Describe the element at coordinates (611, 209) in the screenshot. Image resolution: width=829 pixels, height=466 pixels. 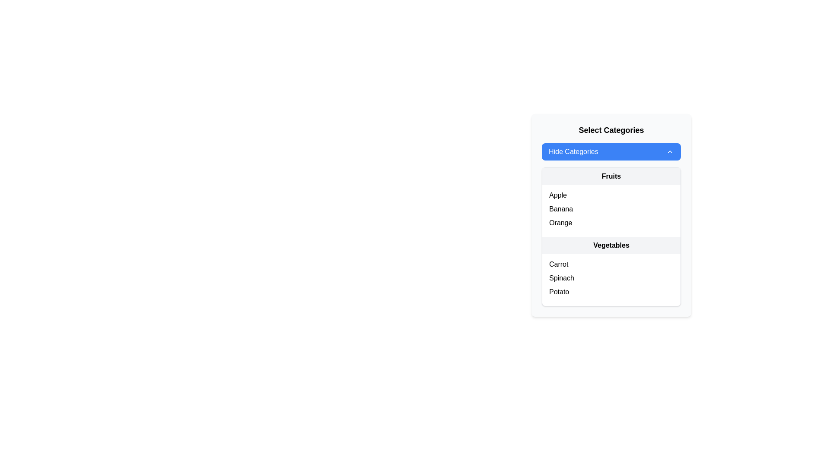
I see `the selectable item labeled 'Banana' in the 'Fruits' category list, which is the second item below 'Apple' and above 'Orange'` at that location.